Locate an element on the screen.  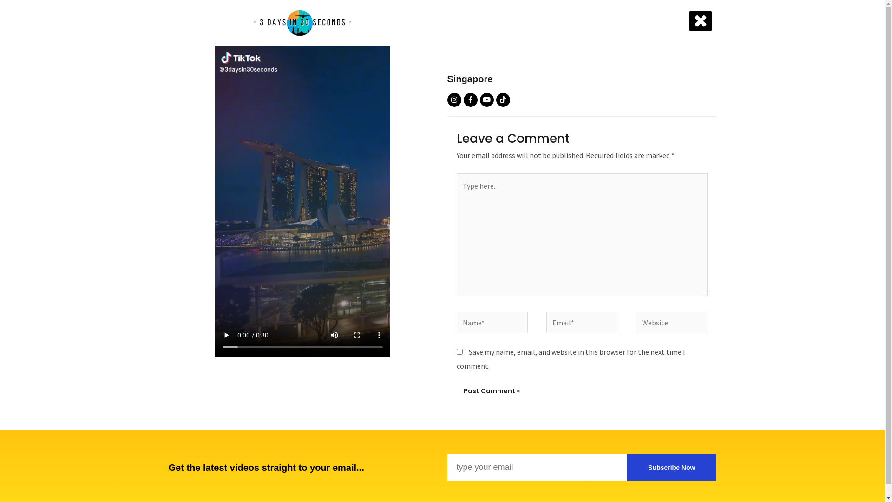
'Facebook-f' is located at coordinates (470, 100).